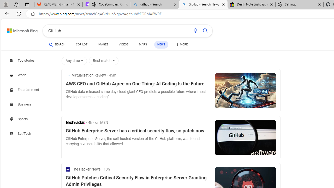 The image size is (334, 188). Describe the element at coordinates (81, 44) in the screenshot. I see `'COPILOT'` at that location.